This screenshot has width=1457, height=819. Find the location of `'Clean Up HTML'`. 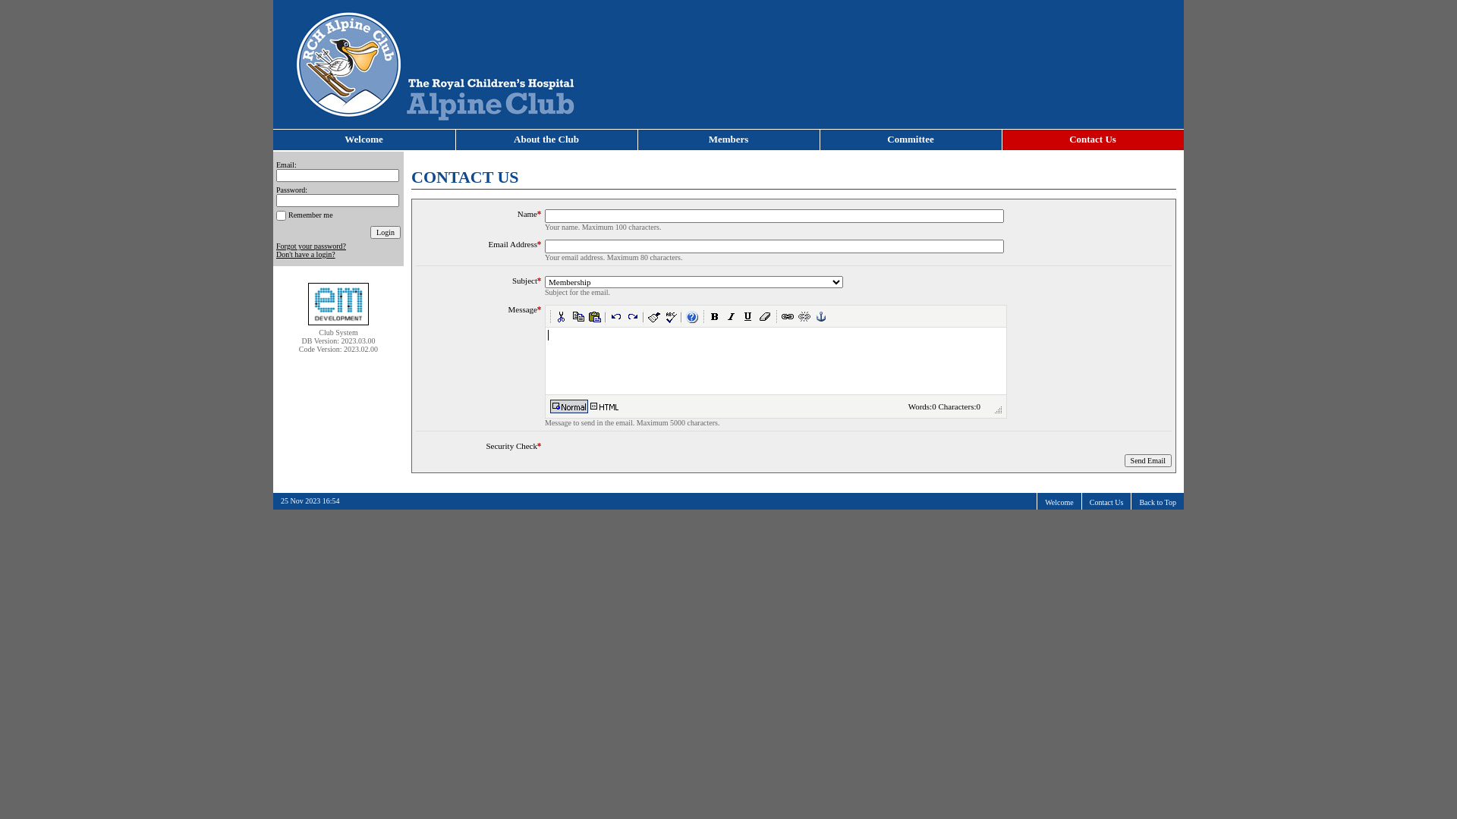

'Clean Up HTML' is located at coordinates (654, 315).